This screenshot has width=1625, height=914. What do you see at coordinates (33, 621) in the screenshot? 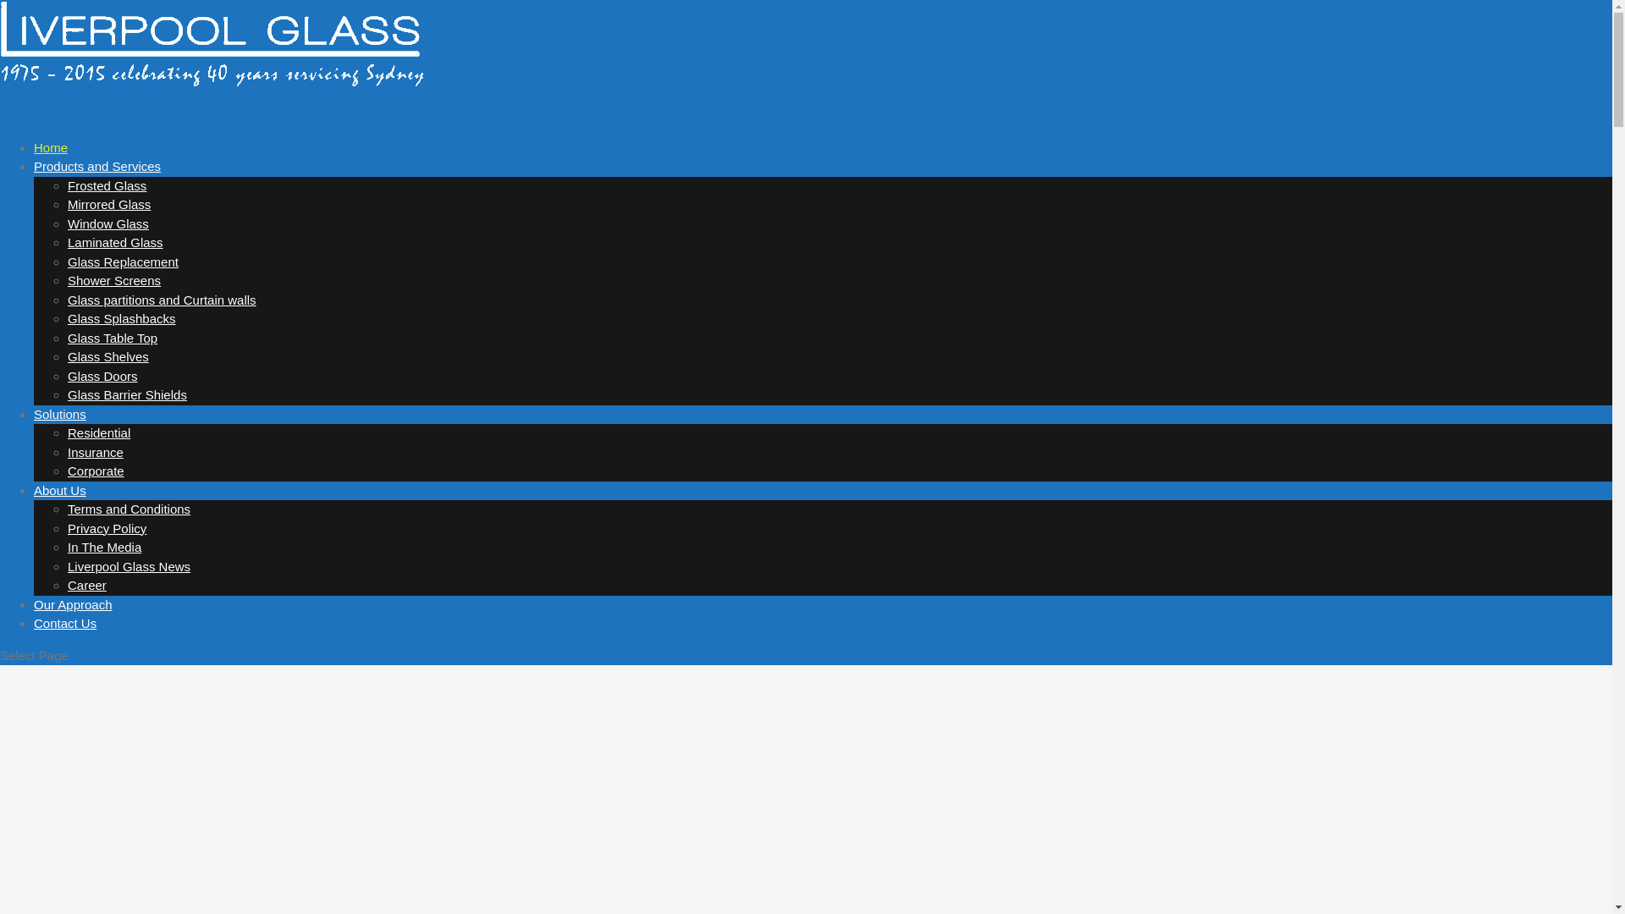
I see `'Our Approach'` at bounding box center [33, 621].